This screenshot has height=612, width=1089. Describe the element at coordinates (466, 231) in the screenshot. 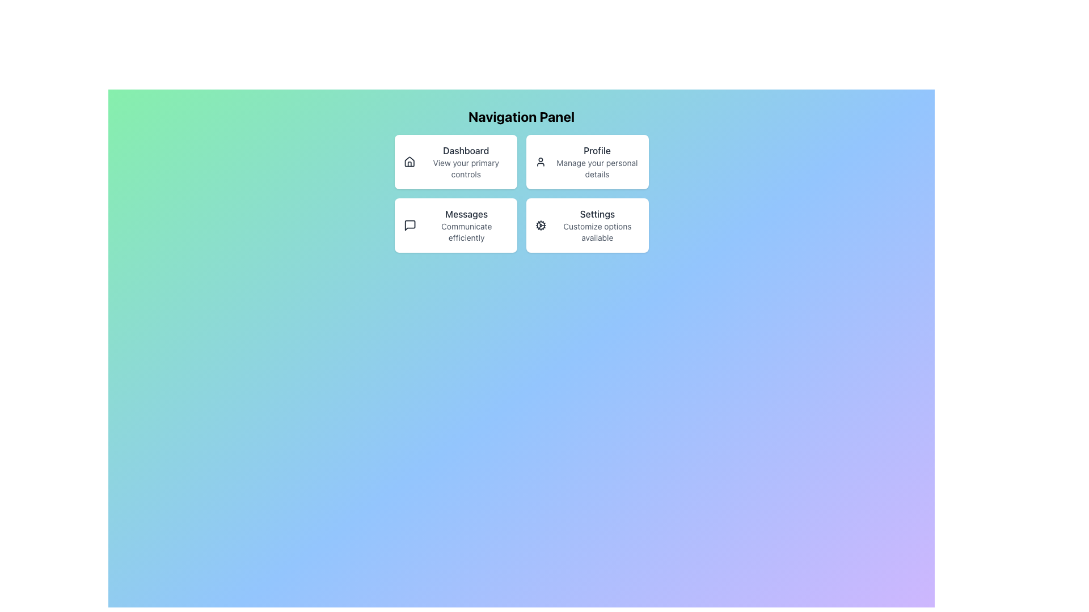

I see `the descriptive text element located below the 'Messages' heading in the 'Messages' box at the top-left of the navigation grid` at that location.